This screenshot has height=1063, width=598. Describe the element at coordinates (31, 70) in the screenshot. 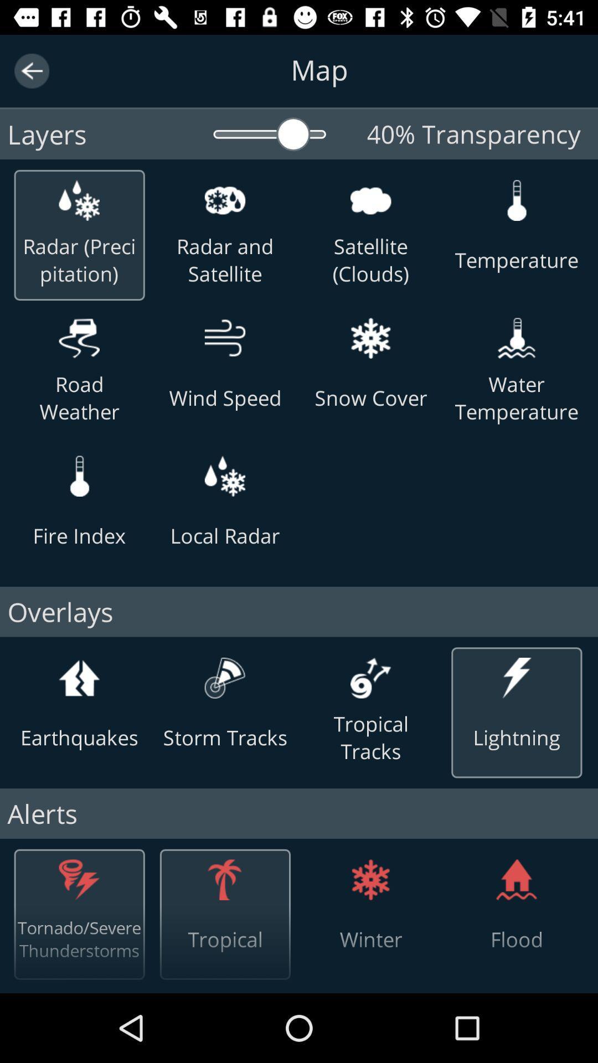

I see `the arrow_backward icon` at that location.